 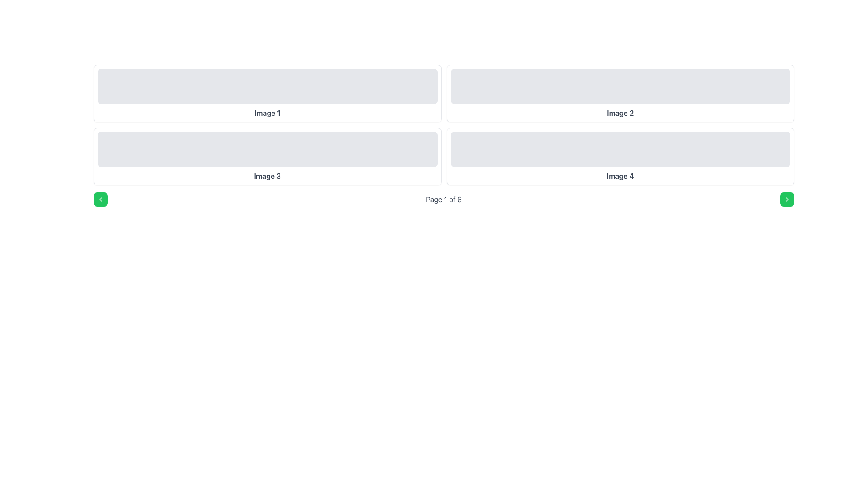 What do you see at coordinates (100, 200) in the screenshot?
I see `the small, rectangular green button with rounded corners located at the far left side of the footer` at bounding box center [100, 200].